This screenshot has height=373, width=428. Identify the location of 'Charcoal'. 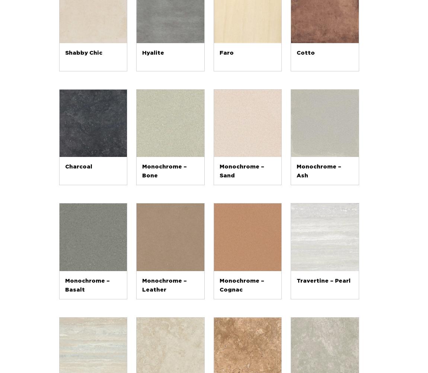
(78, 167).